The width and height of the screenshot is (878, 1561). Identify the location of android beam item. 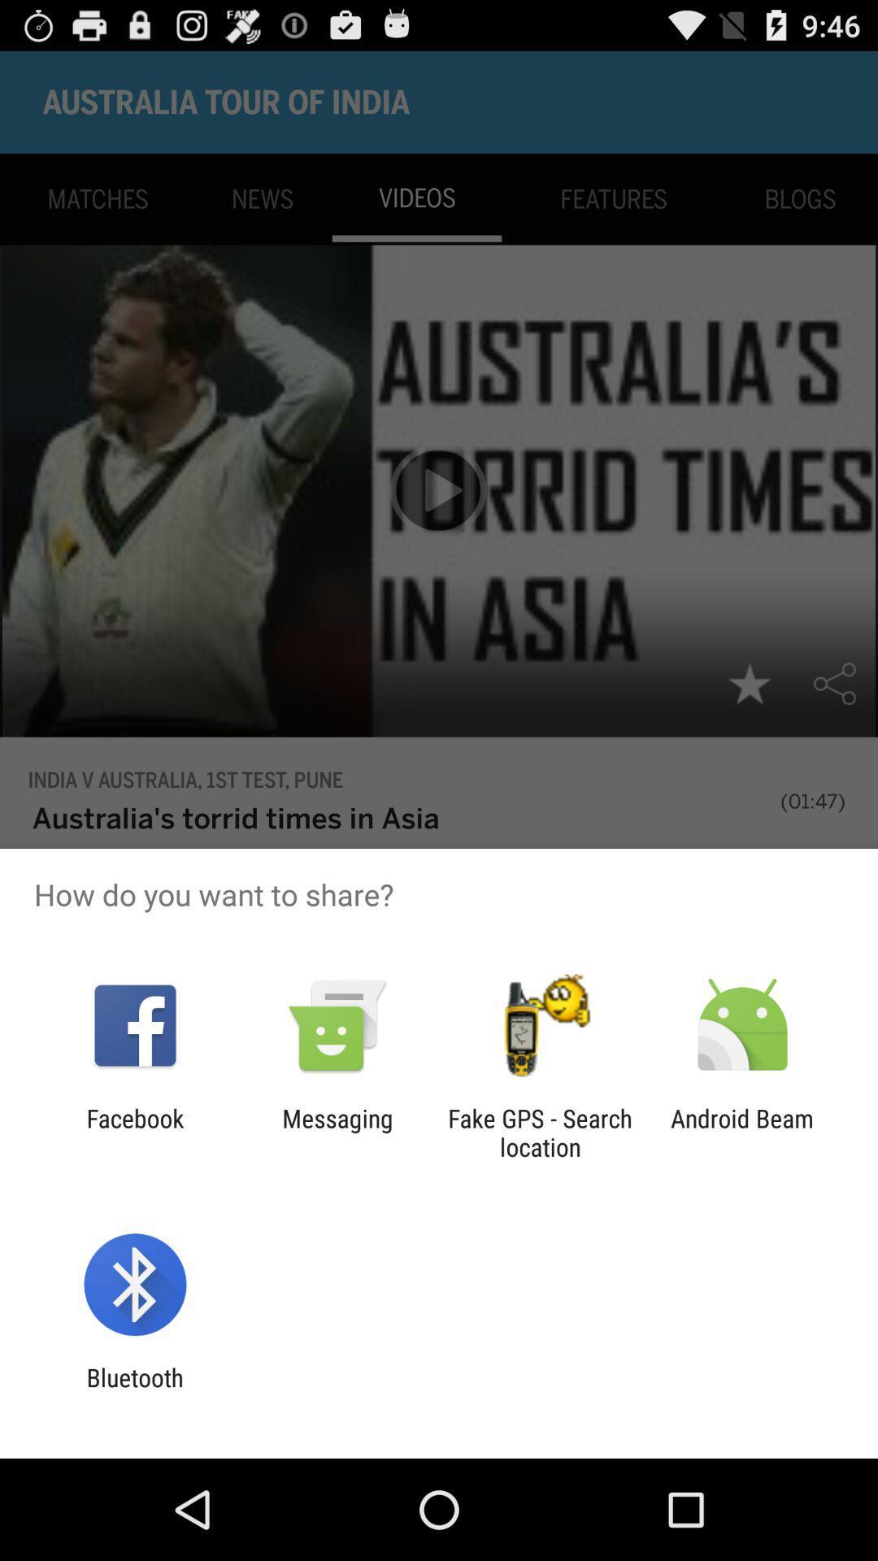
(742, 1132).